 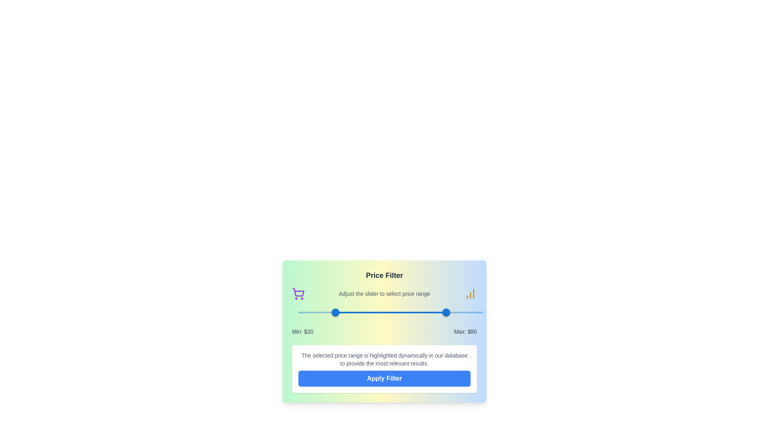 I want to click on and drag the blue circular slider thumb, which is the second thumb on the horizontal slider, to adjust the value associated with '80', so click(x=446, y=312).